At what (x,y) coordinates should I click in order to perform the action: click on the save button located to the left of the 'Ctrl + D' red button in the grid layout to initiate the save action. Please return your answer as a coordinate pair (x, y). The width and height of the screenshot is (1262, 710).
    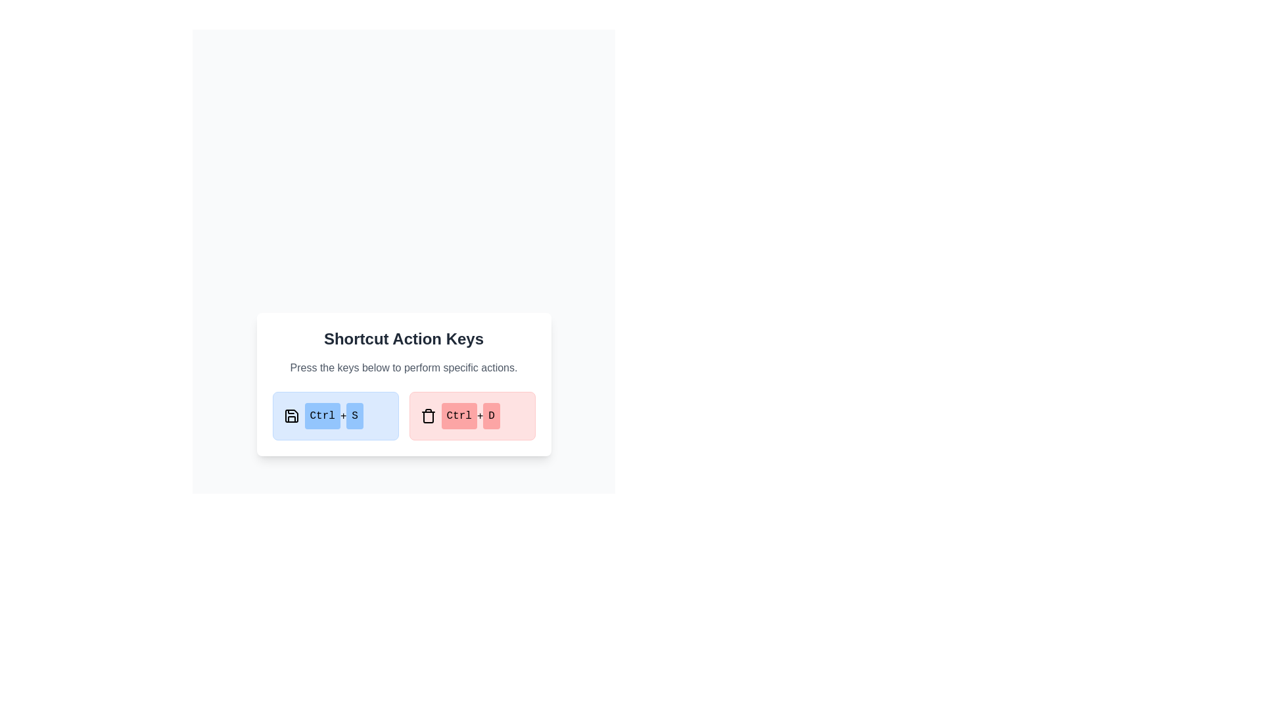
    Looking at the image, I should click on (335, 415).